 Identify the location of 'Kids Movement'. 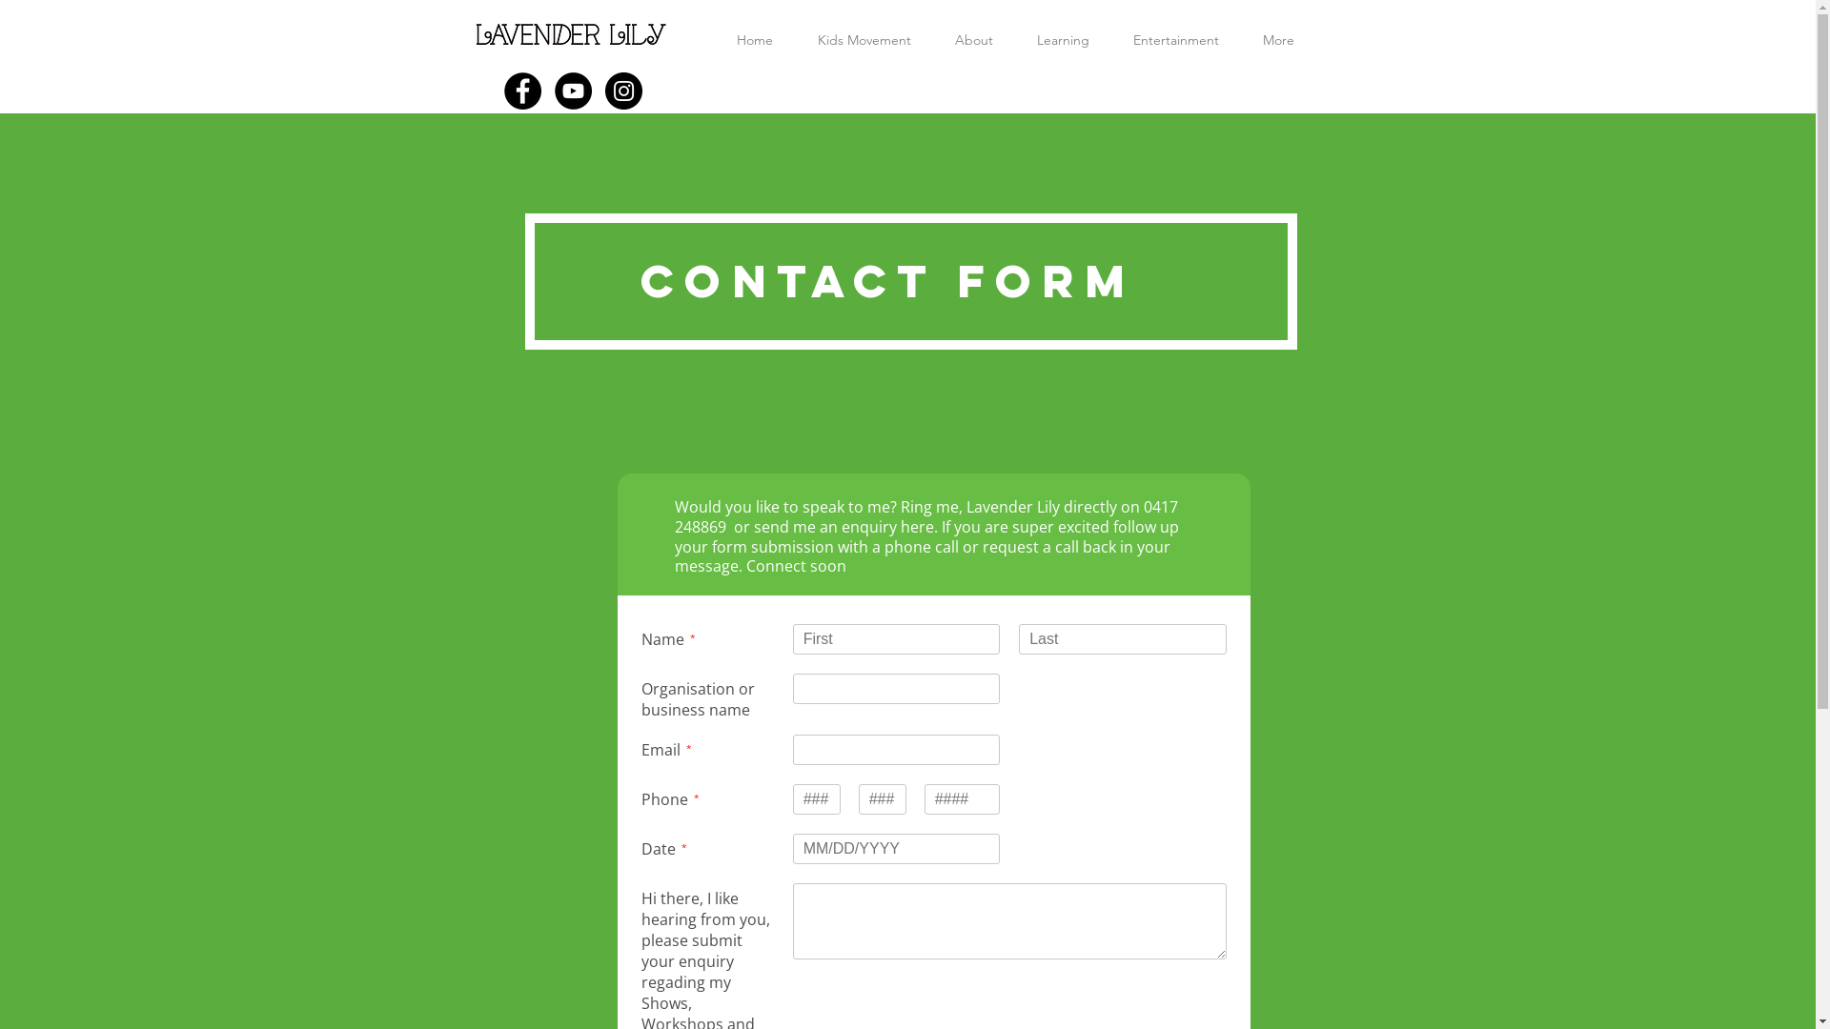
(863, 40).